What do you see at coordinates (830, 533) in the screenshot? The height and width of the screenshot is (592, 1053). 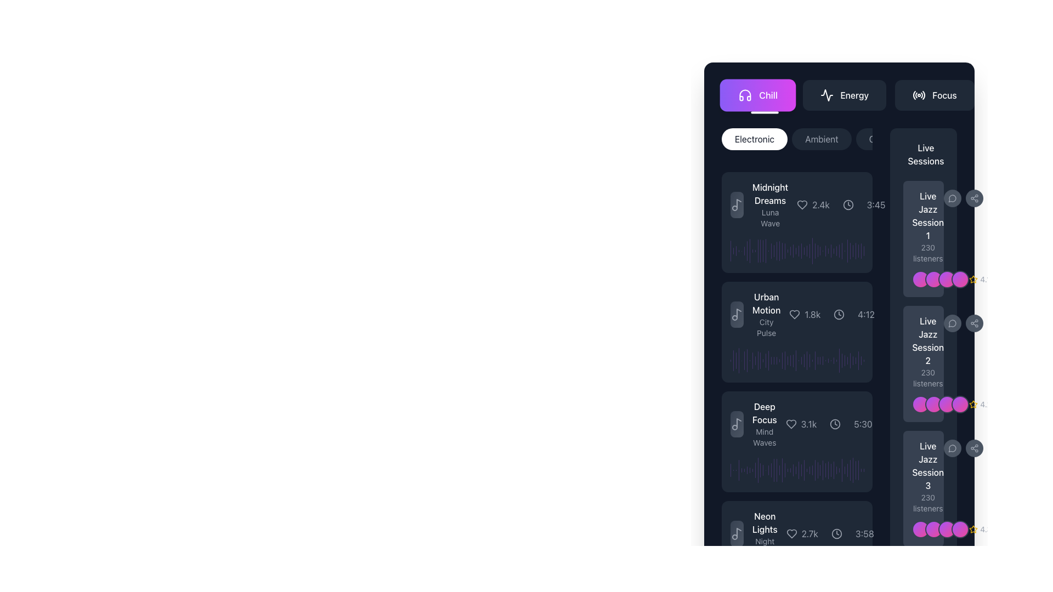 I see `the numeric value in the Informational bar displaying likes and duration for the track titled 'Neon Lights' with subtitle 'Night Drift'` at bounding box center [830, 533].